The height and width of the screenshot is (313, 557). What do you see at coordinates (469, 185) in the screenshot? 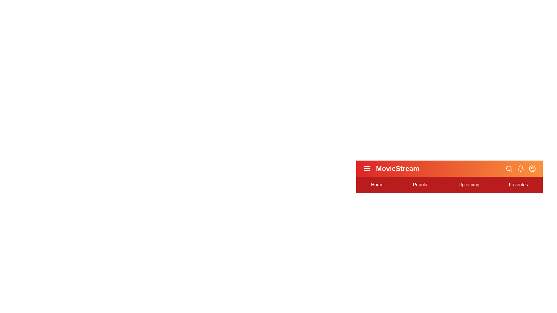
I see `the navigation option Upcoming to highlight it` at bounding box center [469, 185].